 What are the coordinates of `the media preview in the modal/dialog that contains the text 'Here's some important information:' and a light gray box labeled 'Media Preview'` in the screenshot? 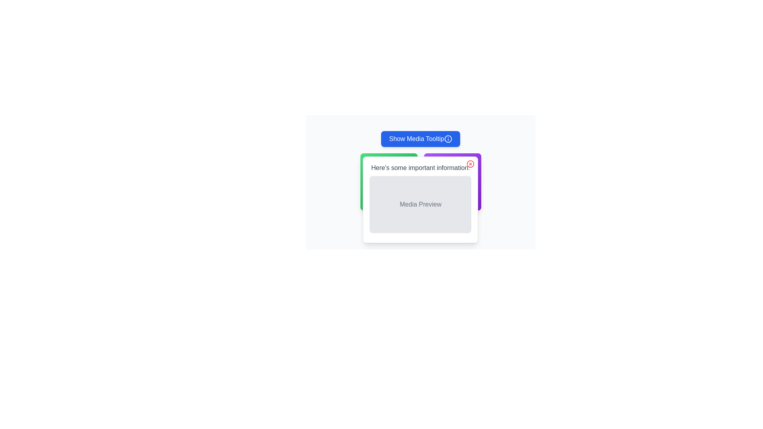 It's located at (420, 199).